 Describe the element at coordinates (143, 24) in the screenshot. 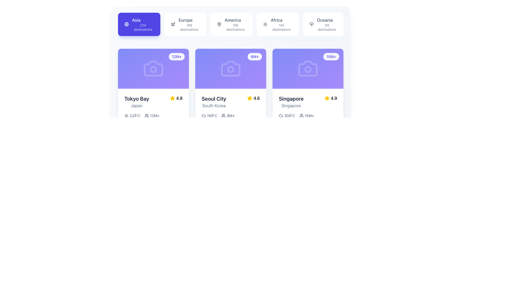

I see `the clickable panel for the 'Asia' category located at the far-left position of the horizontal list of continent panels` at that location.